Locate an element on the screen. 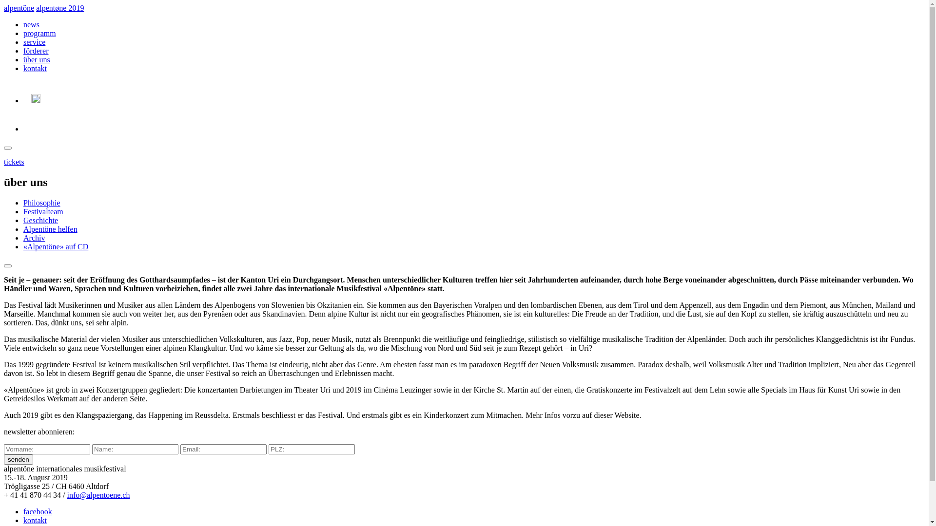 This screenshot has width=936, height=526. 'Archiv' is located at coordinates (34, 238).